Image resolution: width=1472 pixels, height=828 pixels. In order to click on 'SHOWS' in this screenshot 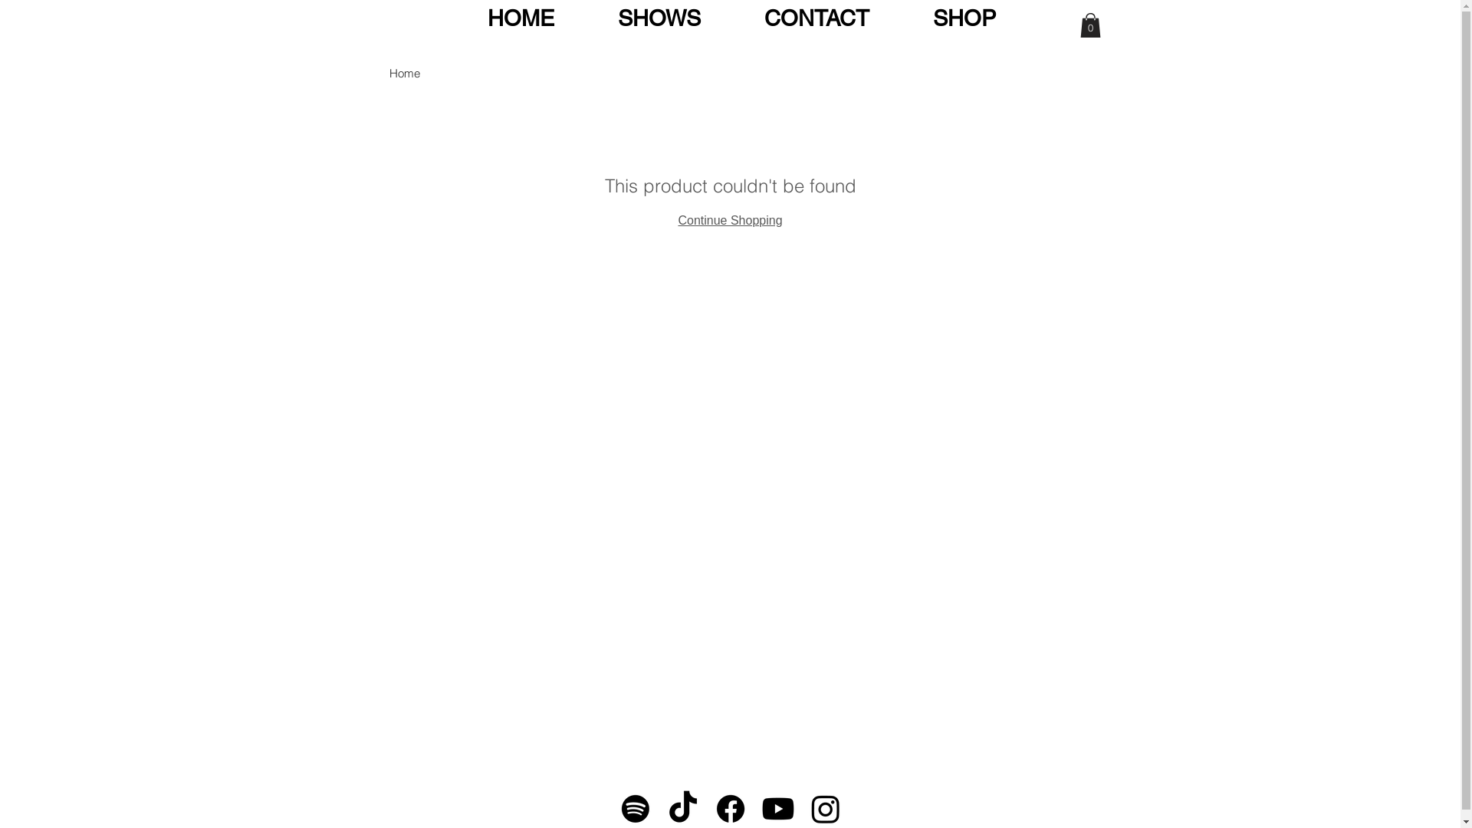, I will do `click(659, 11)`.